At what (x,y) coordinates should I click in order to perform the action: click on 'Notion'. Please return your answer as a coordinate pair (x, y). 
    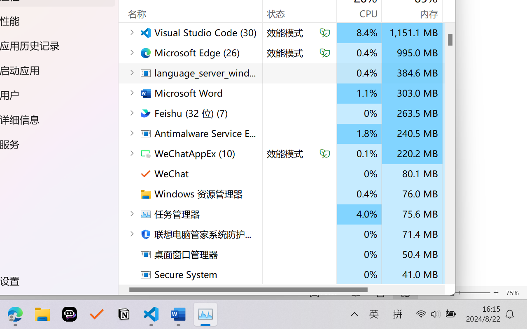
    Looking at the image, I should click on (123, 314).